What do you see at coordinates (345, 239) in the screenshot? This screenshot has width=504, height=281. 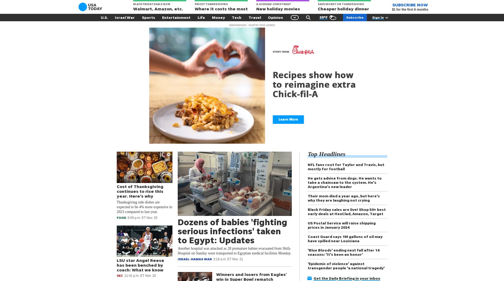 I see `'Coast Guard says 1M gallons of oil may have spilled near Louisiana'` at bounding box center [345, 239].